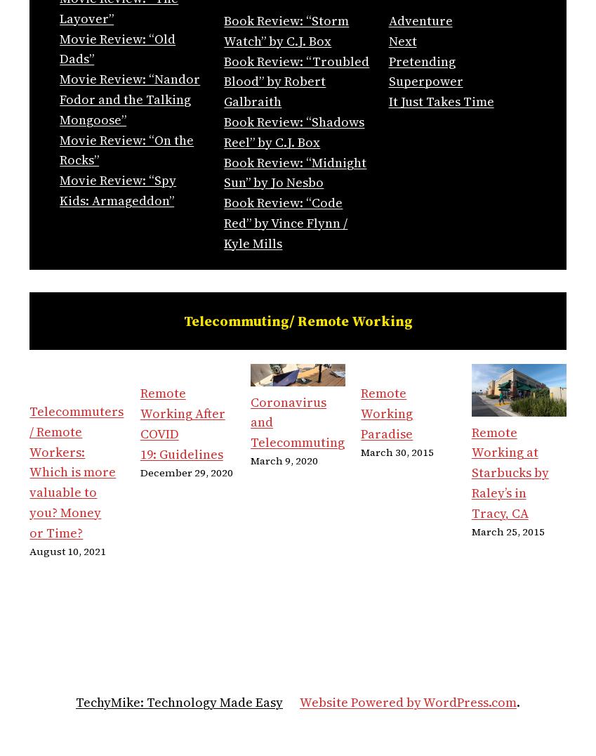 The image size is (596, 756). Describe the element at coordinates (296, 422) in the screenshot. I see `'Coronavirus and Telecommuting'` at that location.